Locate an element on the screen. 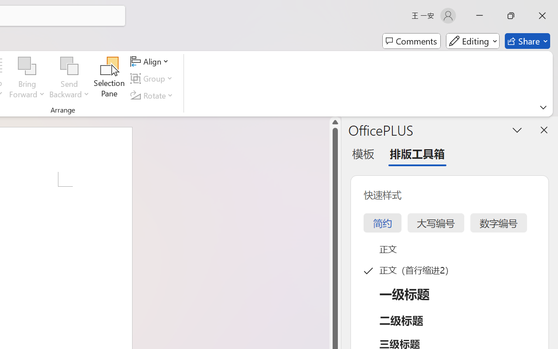  'Bring Forward' is located at coordinates (27, 66).